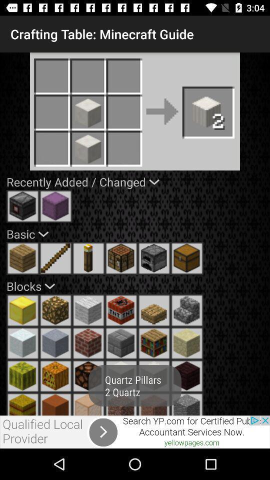  What do you see at coordinates (88, 310) in the screenshot?
I see `click the third block option` at bounding box center [88, 310].